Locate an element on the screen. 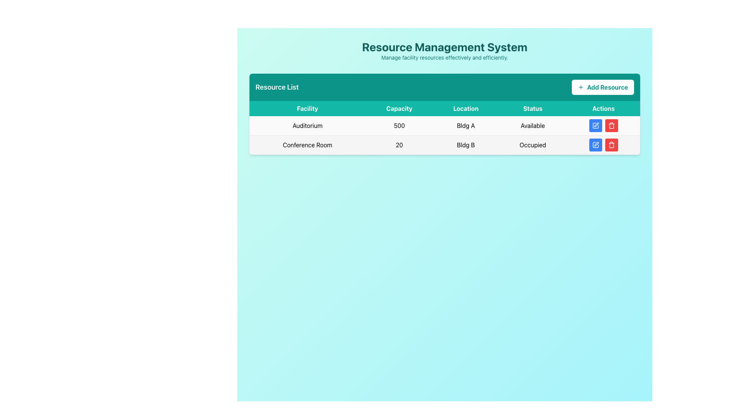  the centered text block that displays 'Resource Management System' in larger bold teal text and 'Manage facility resources effectively and efficiently' in smaller teal text, located near the top center of the interface above the 'Resource List' table is located at coordinates (445, 51).